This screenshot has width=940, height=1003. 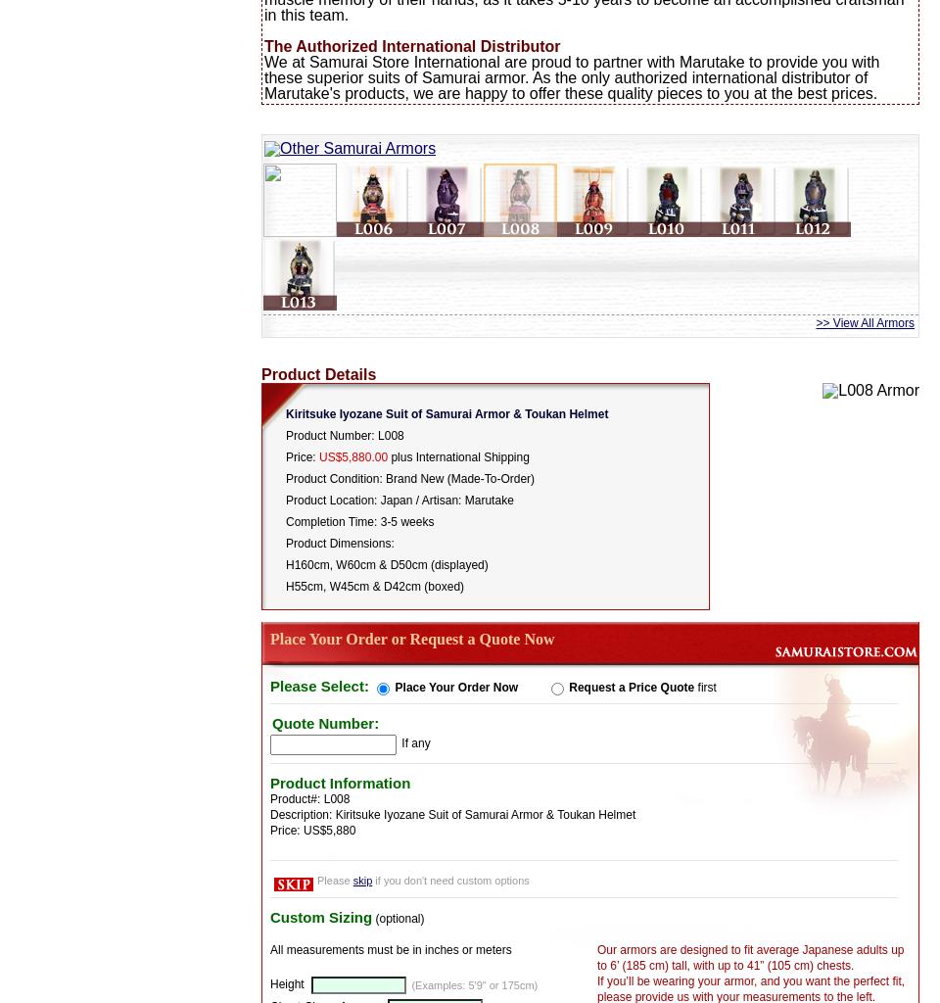 I want to click on 'Quote Number:', so click(x=271, y=721).